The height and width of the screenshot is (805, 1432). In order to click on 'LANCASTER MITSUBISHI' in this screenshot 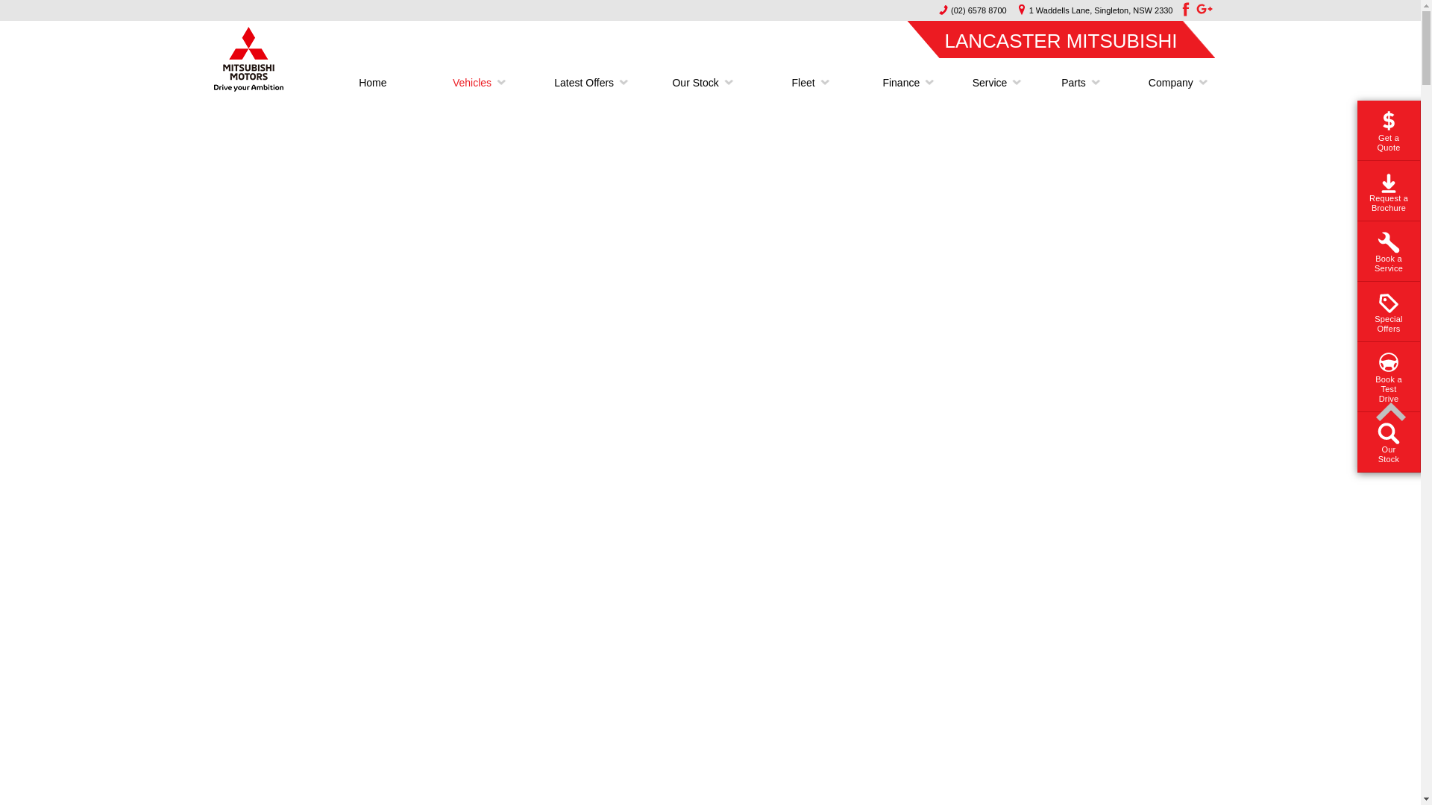, I will do `click(1059, 39)`.